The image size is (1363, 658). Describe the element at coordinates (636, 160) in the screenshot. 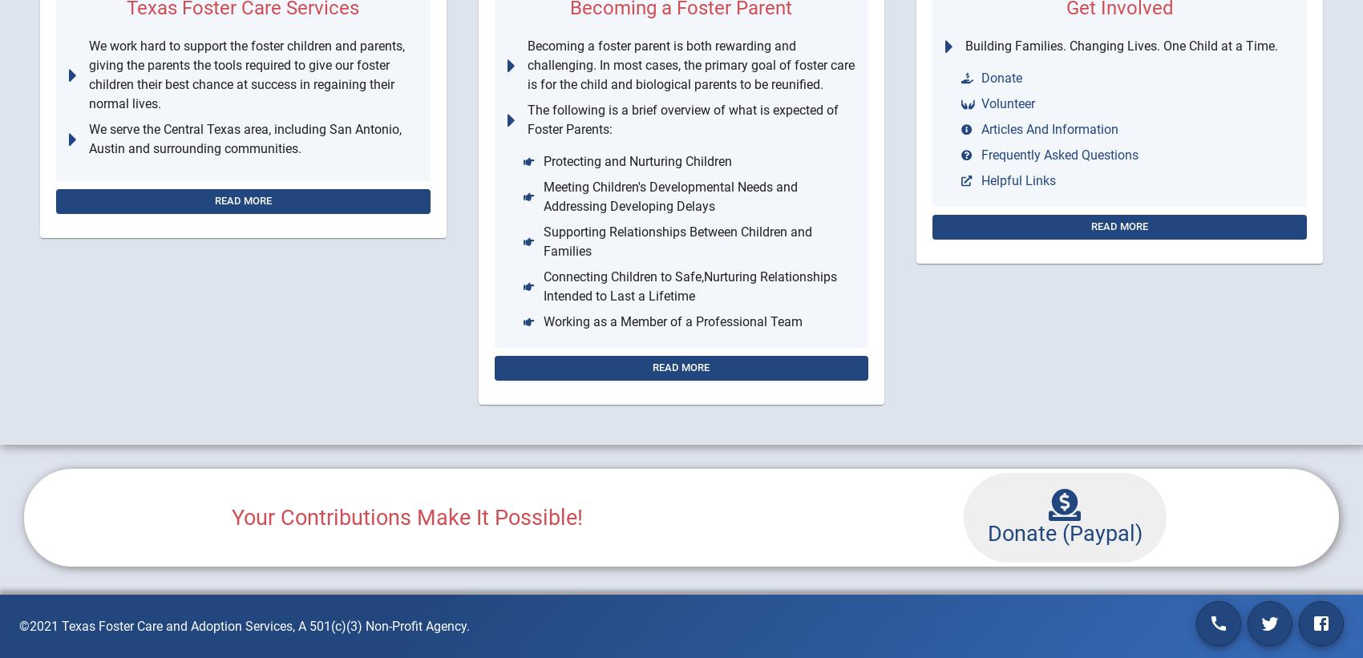

I see `'Protecting and Nurturing Children'` at that location.